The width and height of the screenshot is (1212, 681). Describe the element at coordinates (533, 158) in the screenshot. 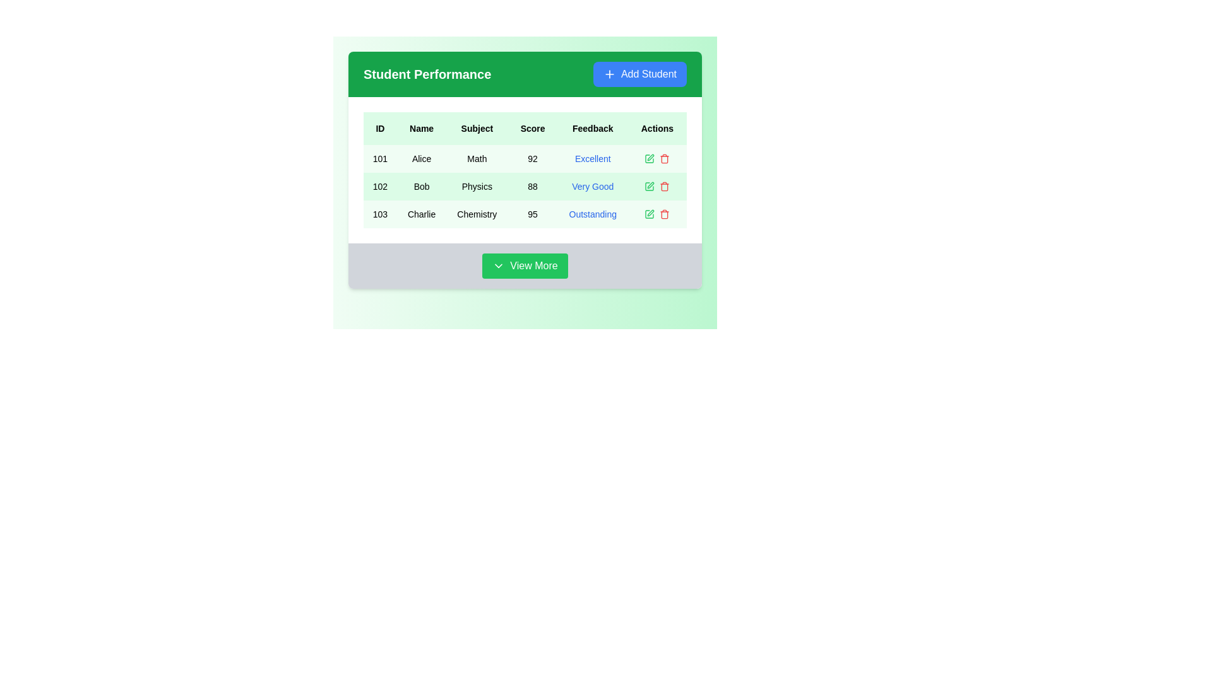

I see `the text element displaying '92' in black font, located in the Score column of Alice's Math entry` at that location.